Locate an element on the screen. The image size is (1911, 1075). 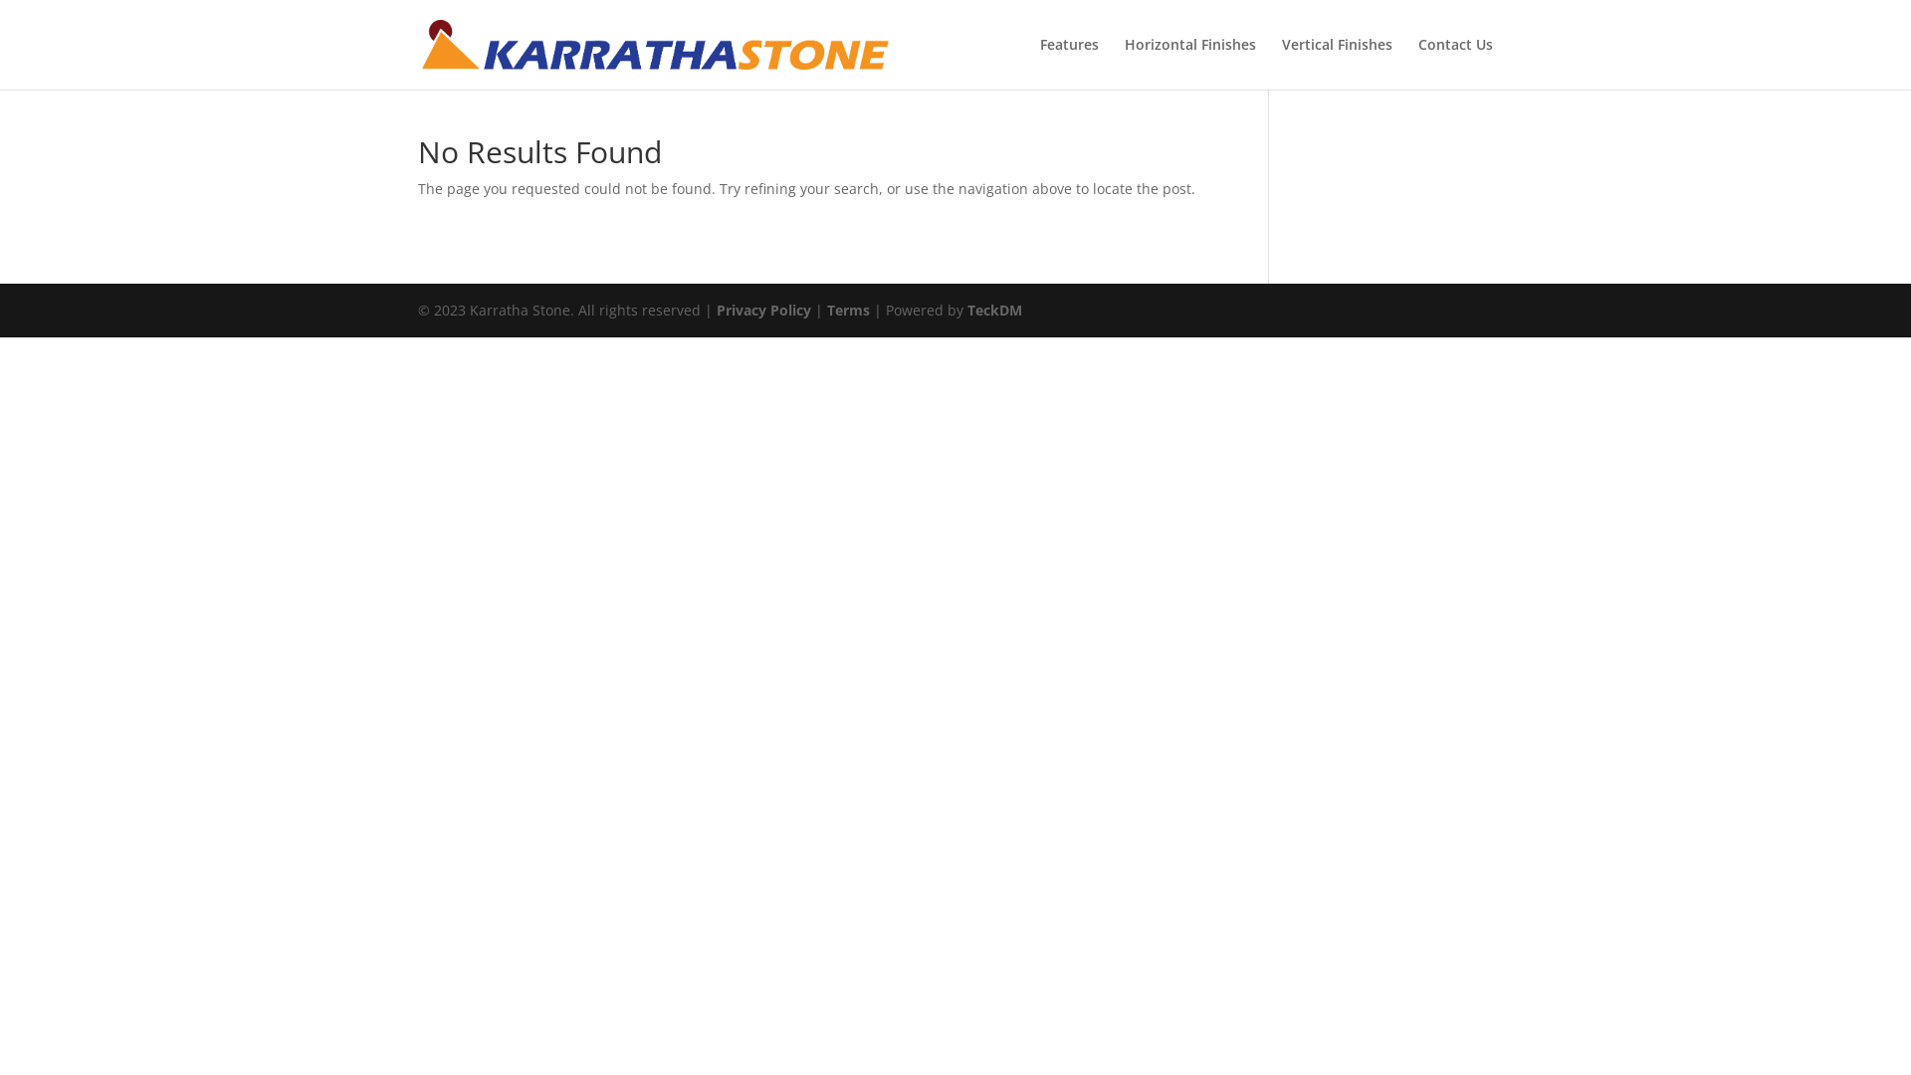
'Vertical Finishes' is located at coordinates (1281, 63).